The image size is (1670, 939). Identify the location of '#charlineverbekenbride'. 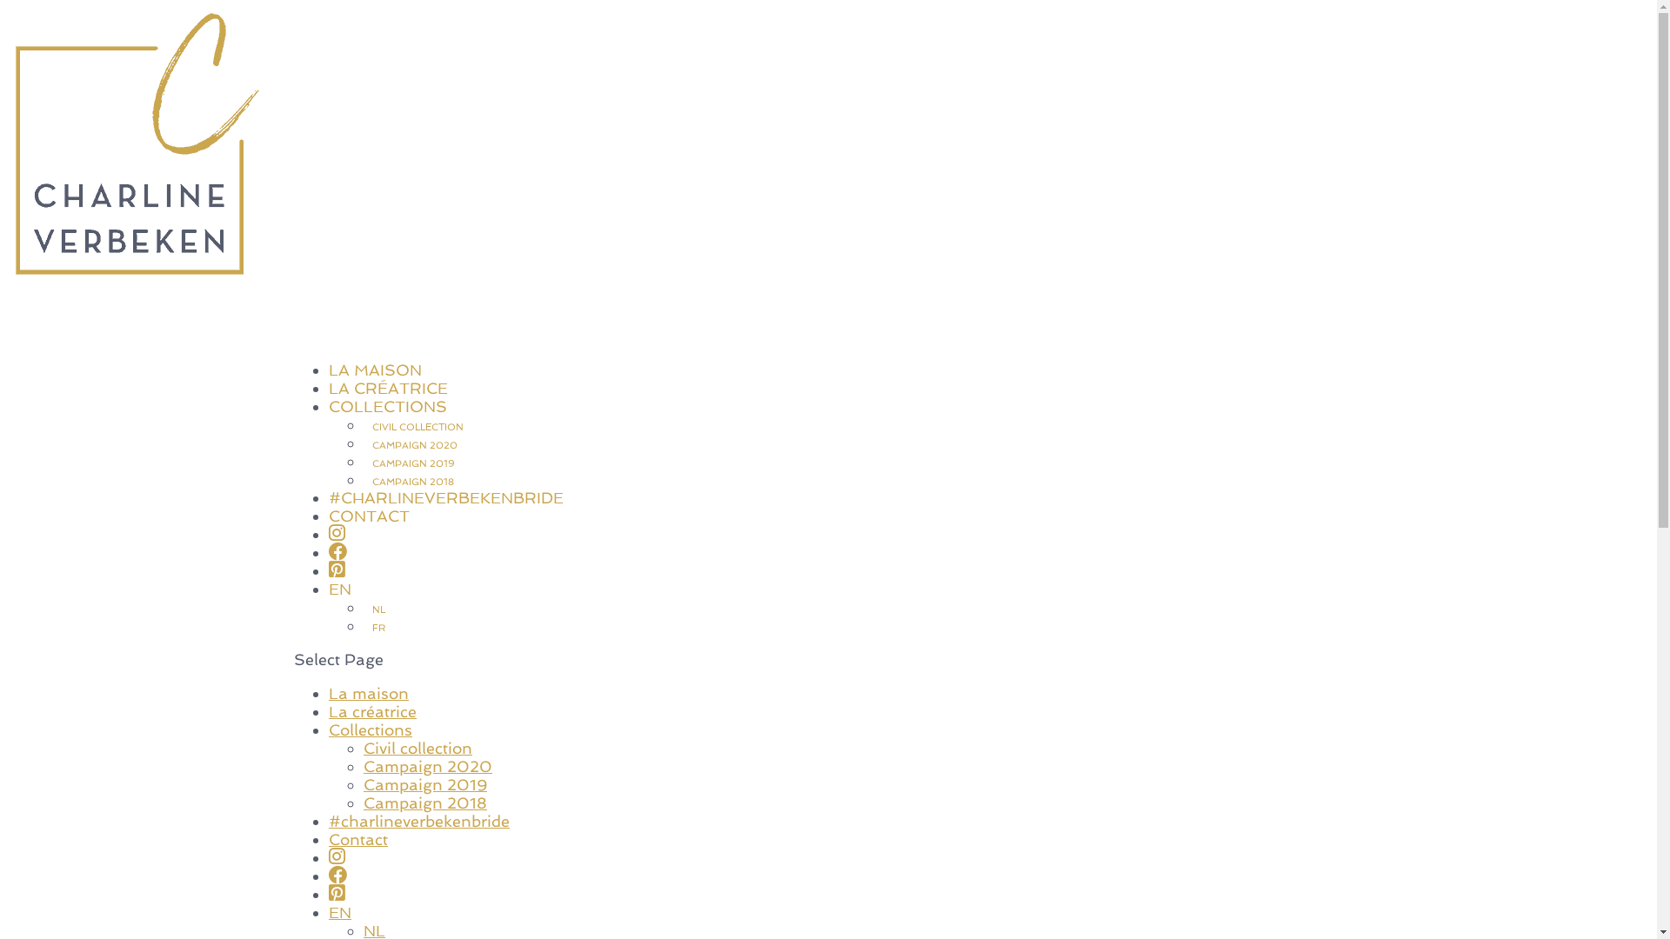
(418, 821).